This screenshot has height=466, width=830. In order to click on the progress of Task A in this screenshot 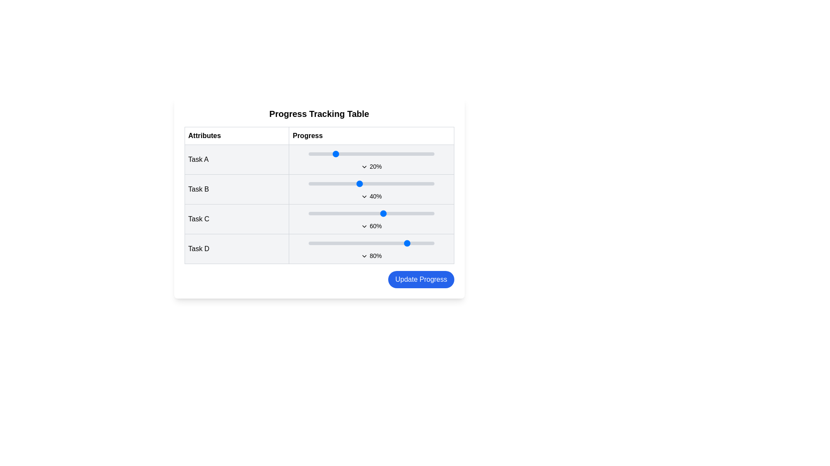, I will do `click(403, 154)`.